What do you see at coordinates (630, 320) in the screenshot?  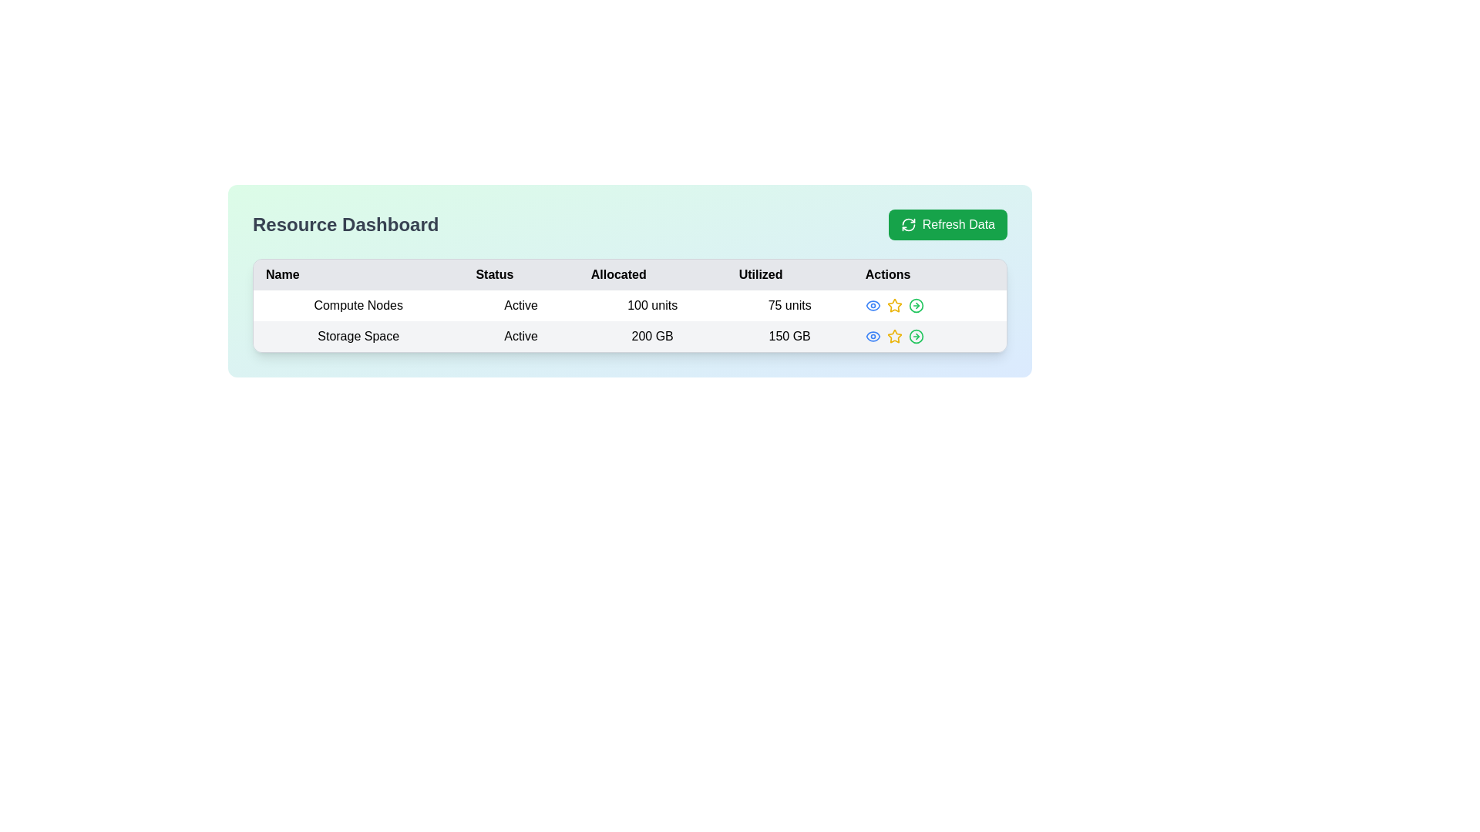 I see `details displayed in the first table row containing 'Compute Nodes', 'Active', '100 units', '75 units', and interactive icons` at bounding box center [630, 320].